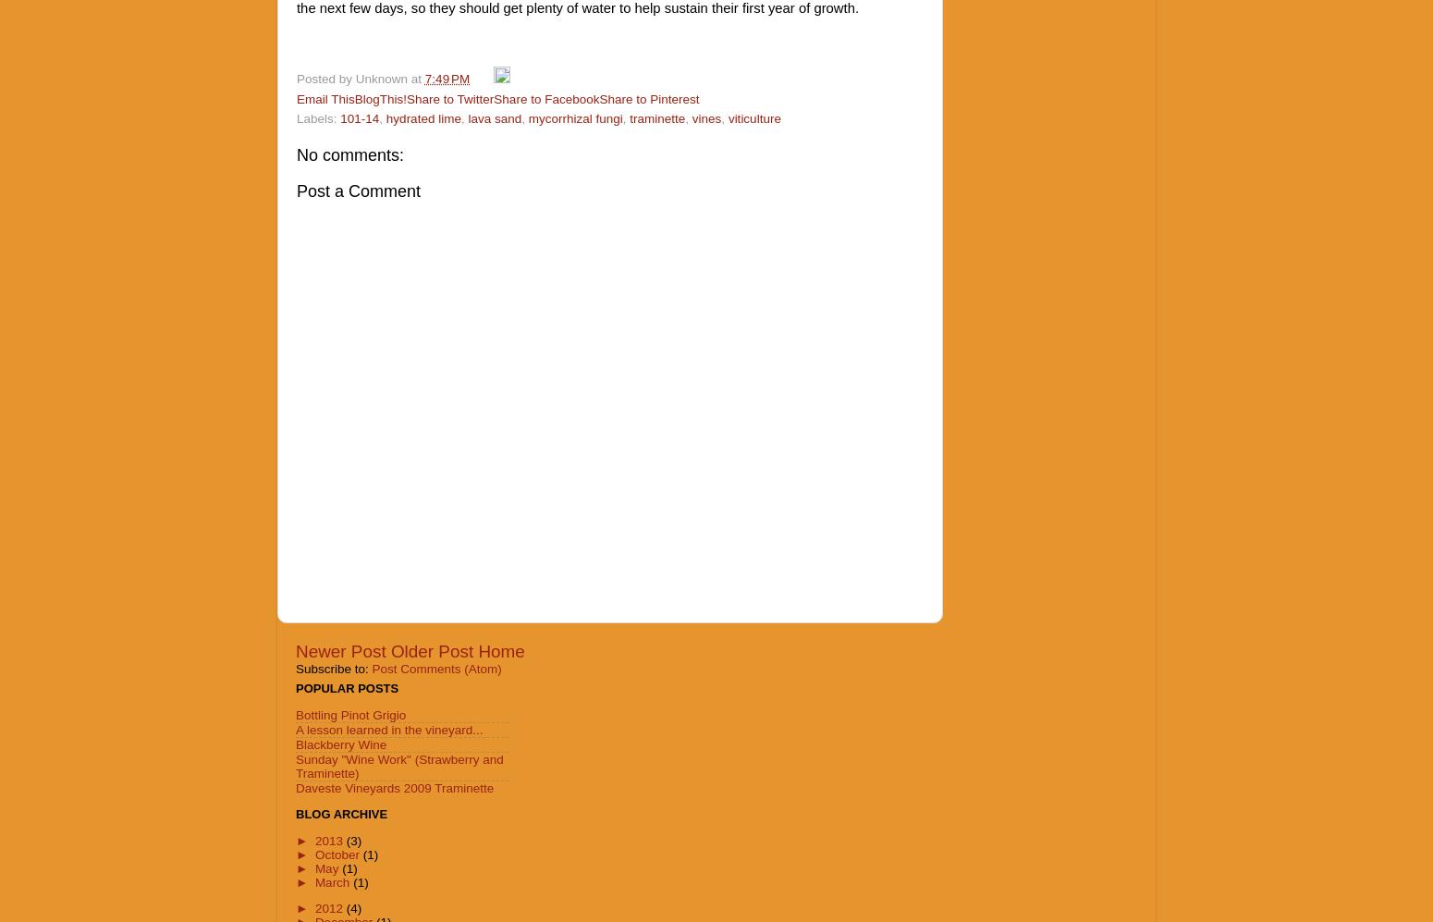 Image resolution: width=1433 pixels, height=922 pixels. Describe the element at coordinates (546, 98) in the screenshot. I see `'Share to Facebook'` at that location.